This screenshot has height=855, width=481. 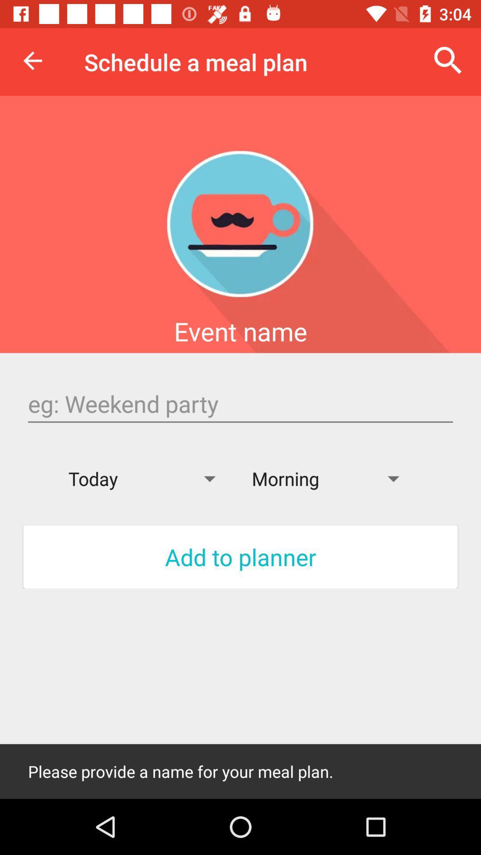 I want to click on name, so click(x=240, y=403).